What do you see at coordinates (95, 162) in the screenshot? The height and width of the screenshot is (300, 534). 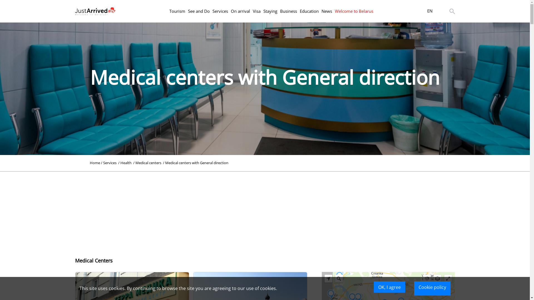 I see `' Home '` at bounding box center [95, 162].